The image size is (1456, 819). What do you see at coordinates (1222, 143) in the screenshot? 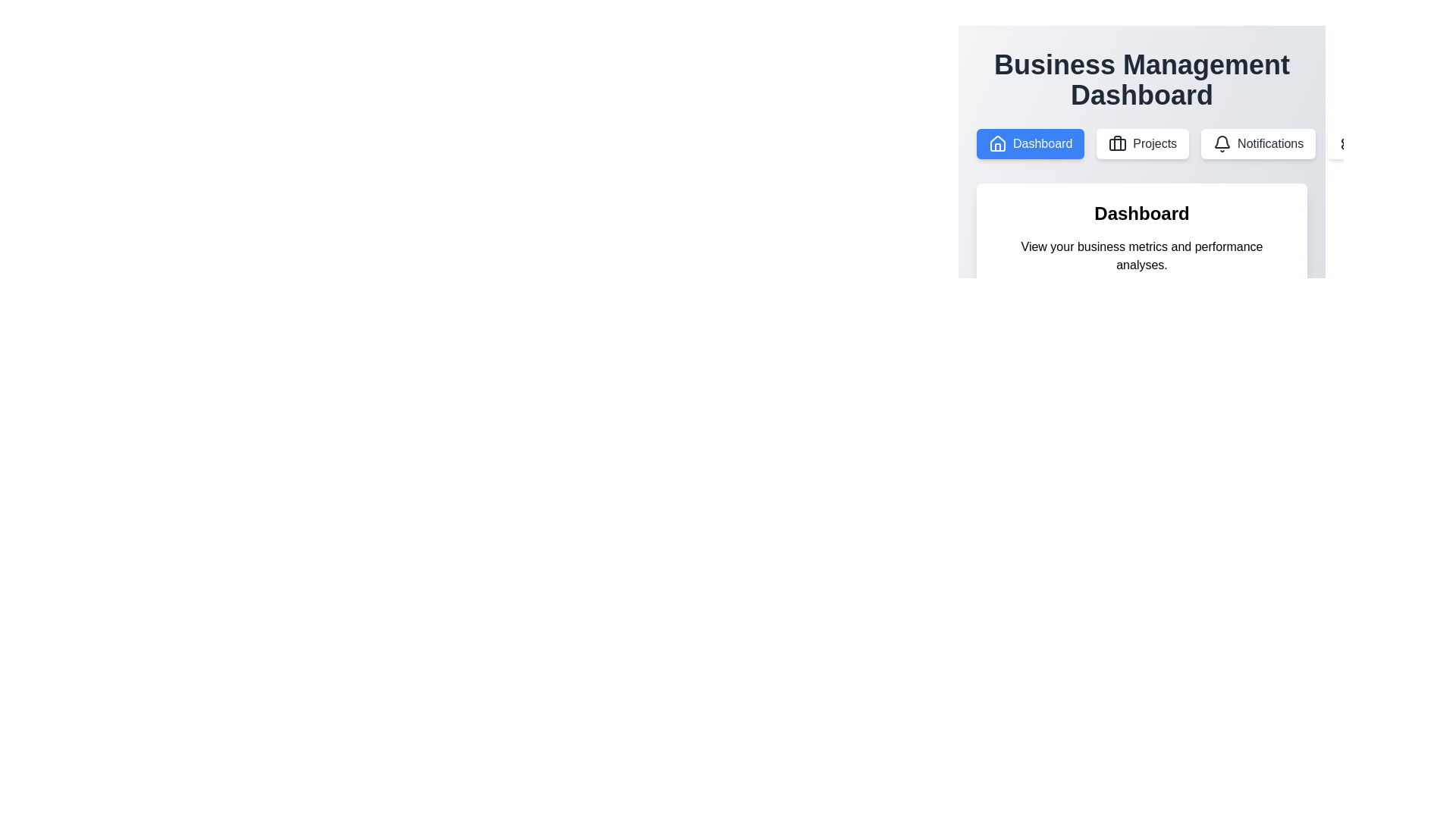
I see `the bell icon, which represents the notifications feature, located within the 'Notifications' button` at bounding box center [1222, 143].